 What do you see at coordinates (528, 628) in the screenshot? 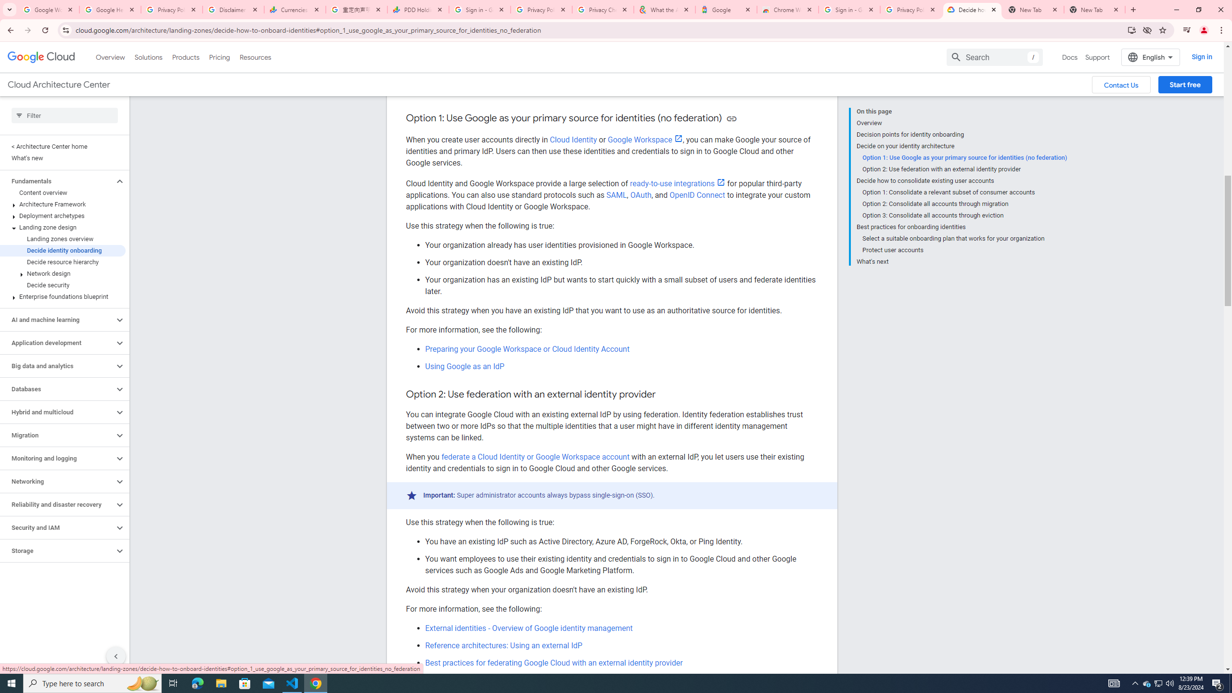
I see `'External identities - Overview of Google identity management'` at bounding box center [528, 628].